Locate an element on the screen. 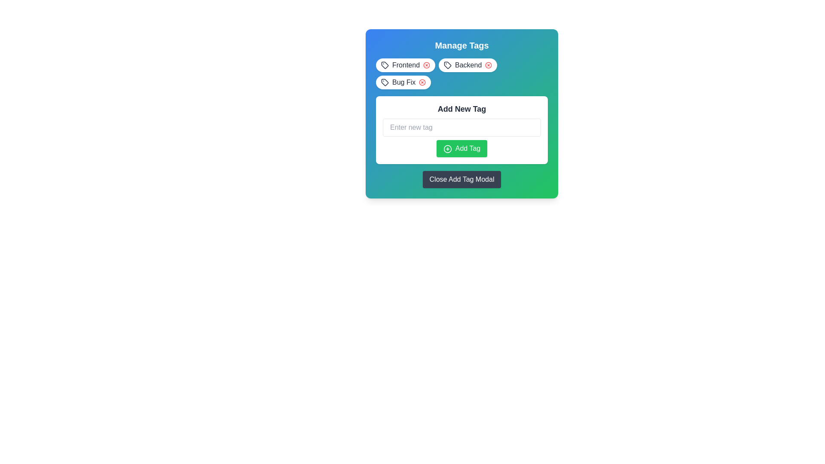 This screenshot has width=825, height=464. the icon that visually represents the 'Frontend' tag, located as the leftmost component within the 'Frontend' tag group in the top left section of the modal window is located at coordinates (385, 64).